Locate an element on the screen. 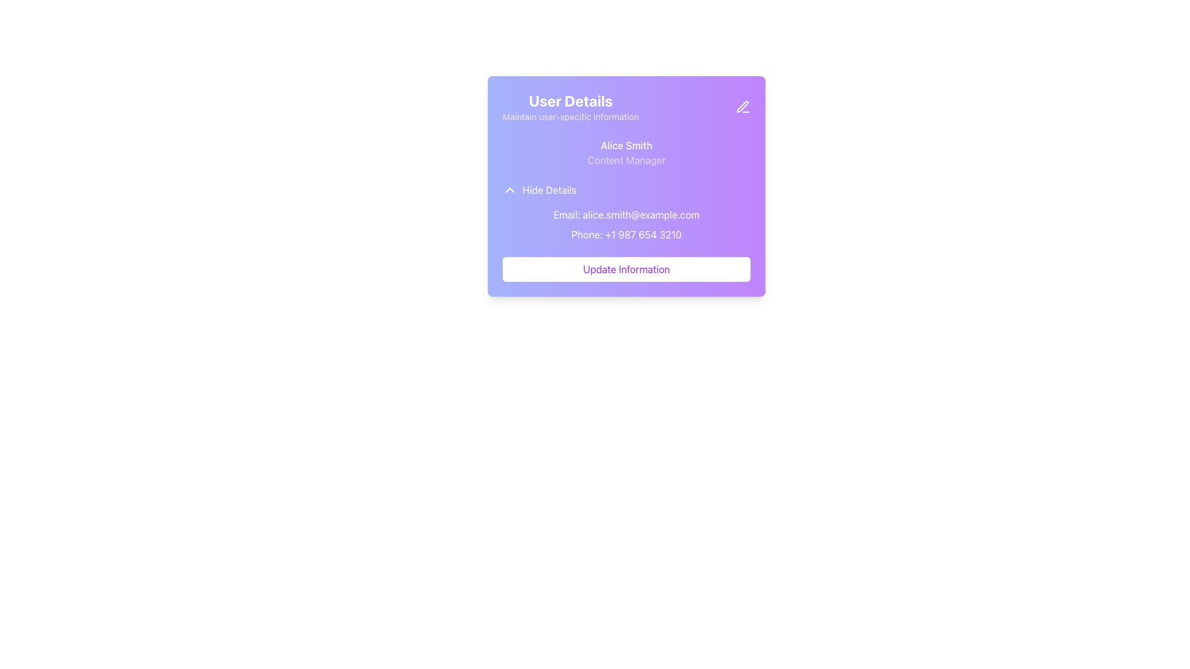  the static text label displaying the name 'Alice Smith', which is positioned above 'Content Manager' in the 'User Details' card interface is located at coordinates (627, 145).